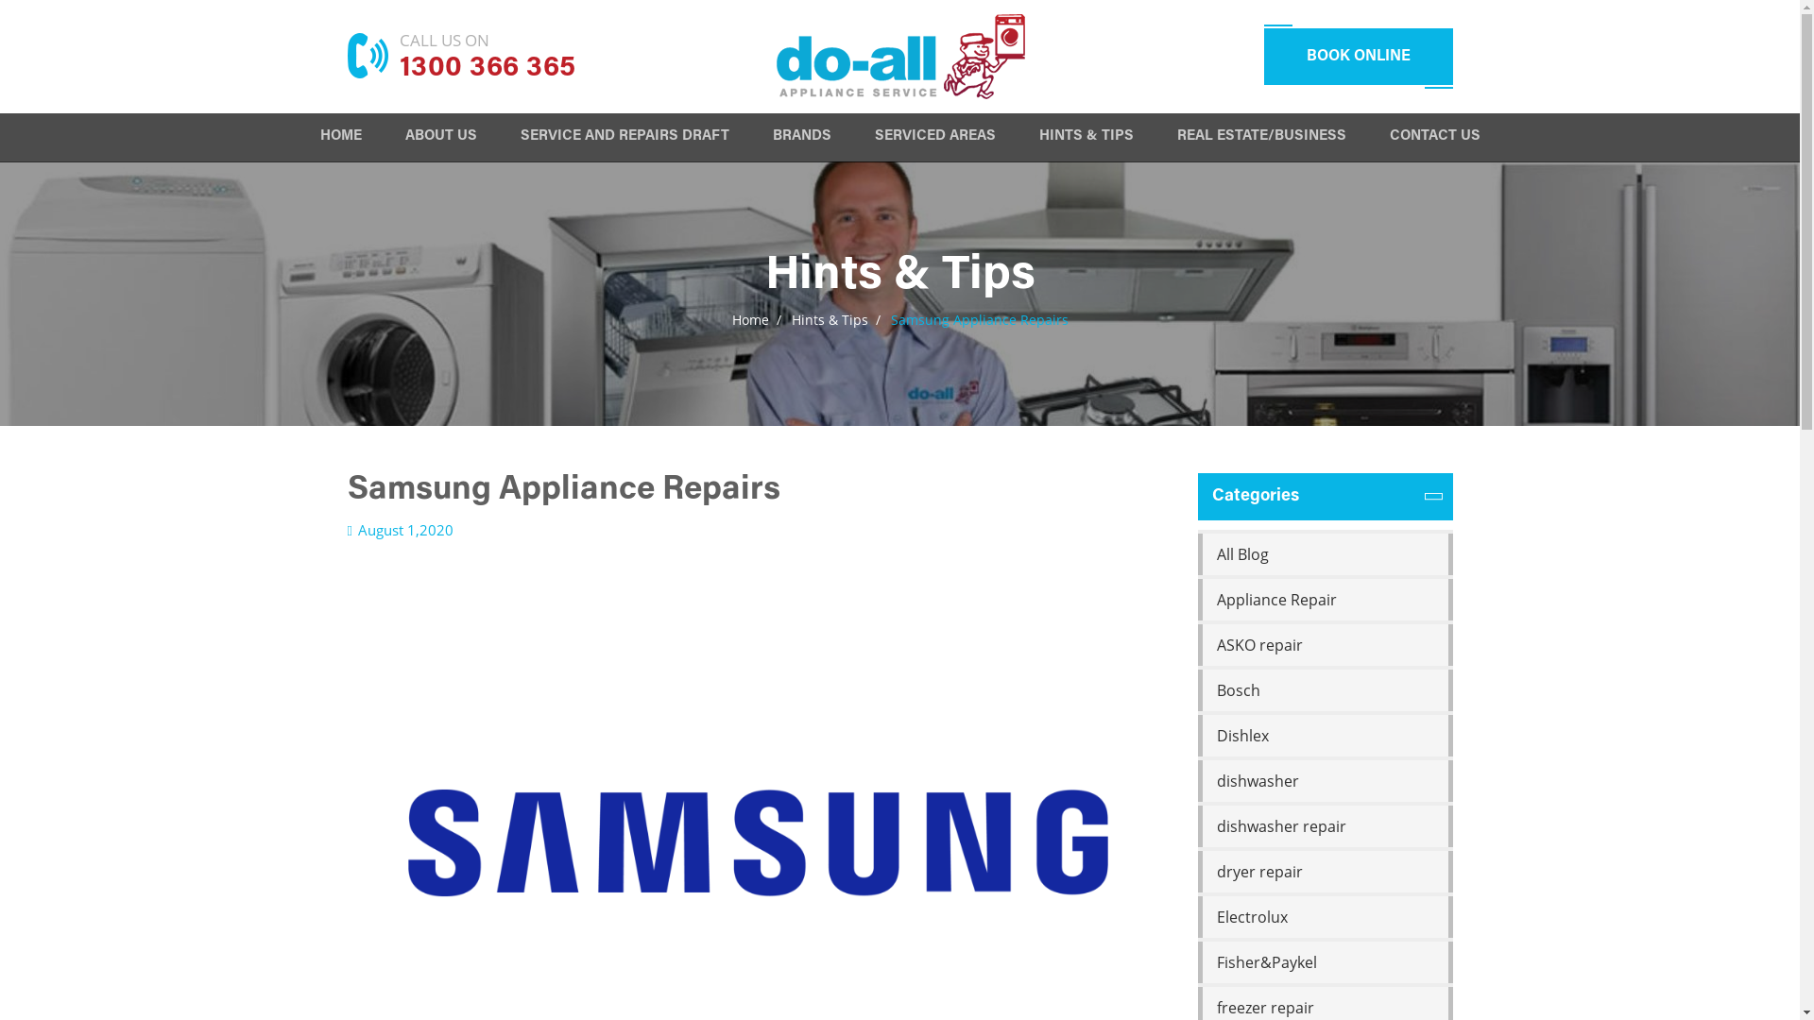 The width and height of the screenshot is (1814, 1020). What do you see at coordinates (1324, 825) in the screenshot?
I see `'dishwasher repair'` at bounding box center [1324, 825].